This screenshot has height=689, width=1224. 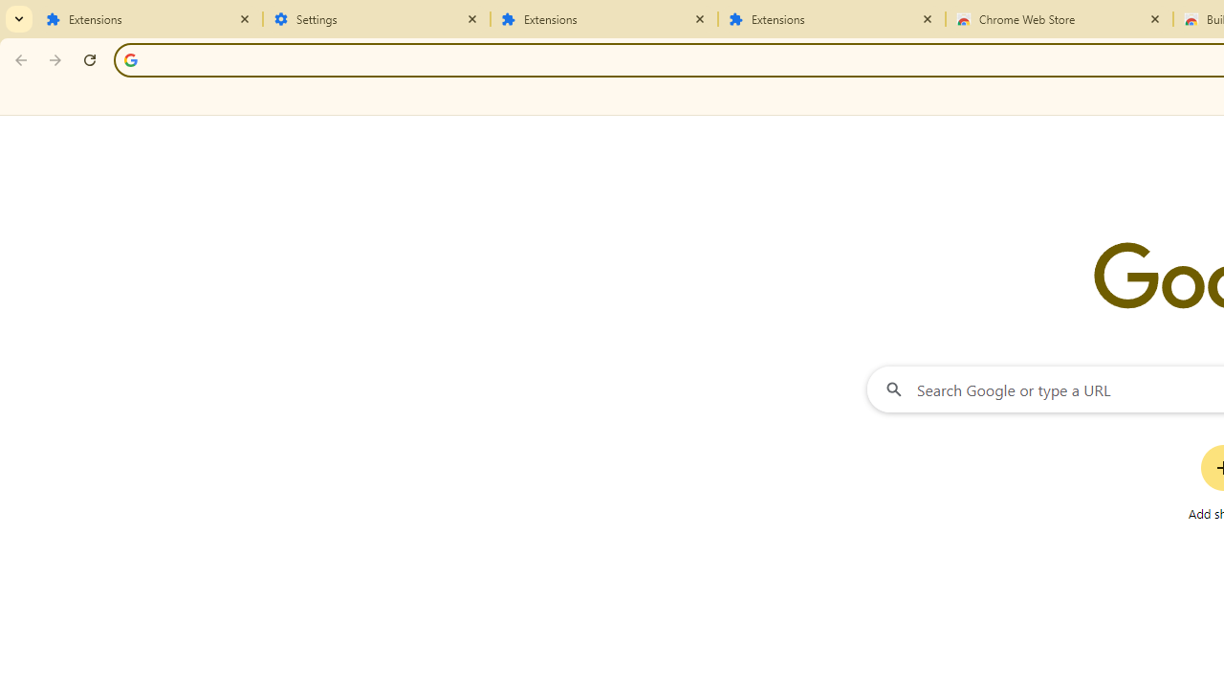 I want to click on 'Settings', so click(x=377, y=19).